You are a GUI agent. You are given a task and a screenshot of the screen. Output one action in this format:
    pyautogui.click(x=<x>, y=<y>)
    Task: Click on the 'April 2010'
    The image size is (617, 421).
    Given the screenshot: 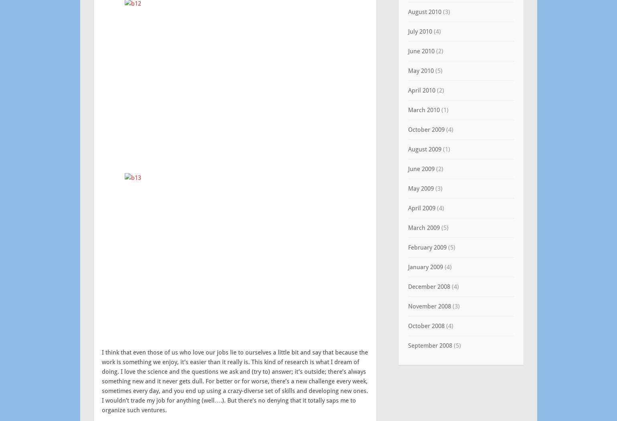 What is the action you would take?
    pyautogui.click(x=421, y=90)
    